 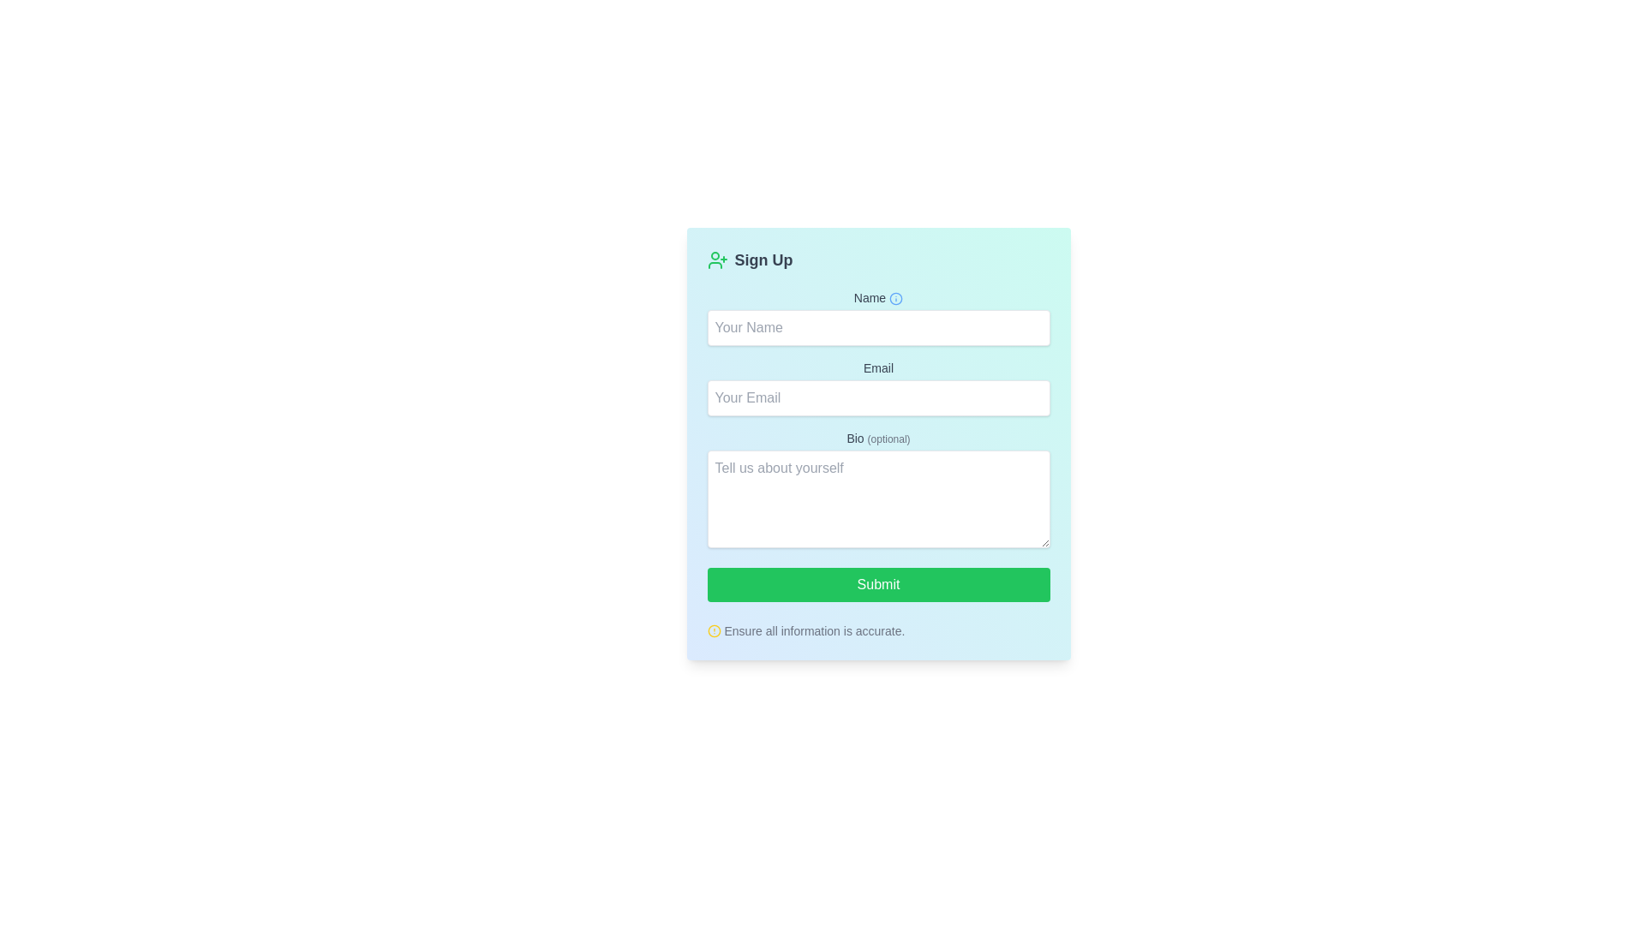 I want to click on the '(optional)' text label located to the right of the 'Bio' label, indicating that the 'Bio' field is not mandatory, so click(x=888, y=439).